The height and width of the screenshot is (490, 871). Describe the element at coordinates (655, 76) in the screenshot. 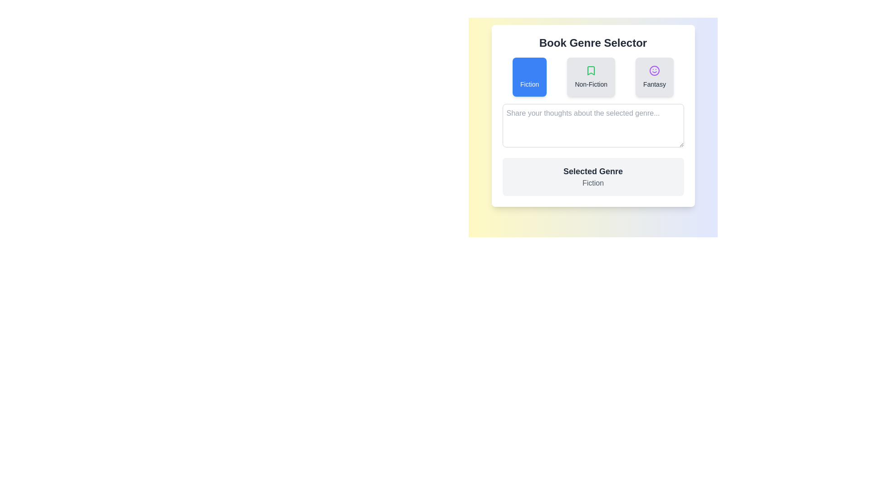

I see `the 'Fantasy' genre selection button, which is the third button in a horizontal layout` at that location.